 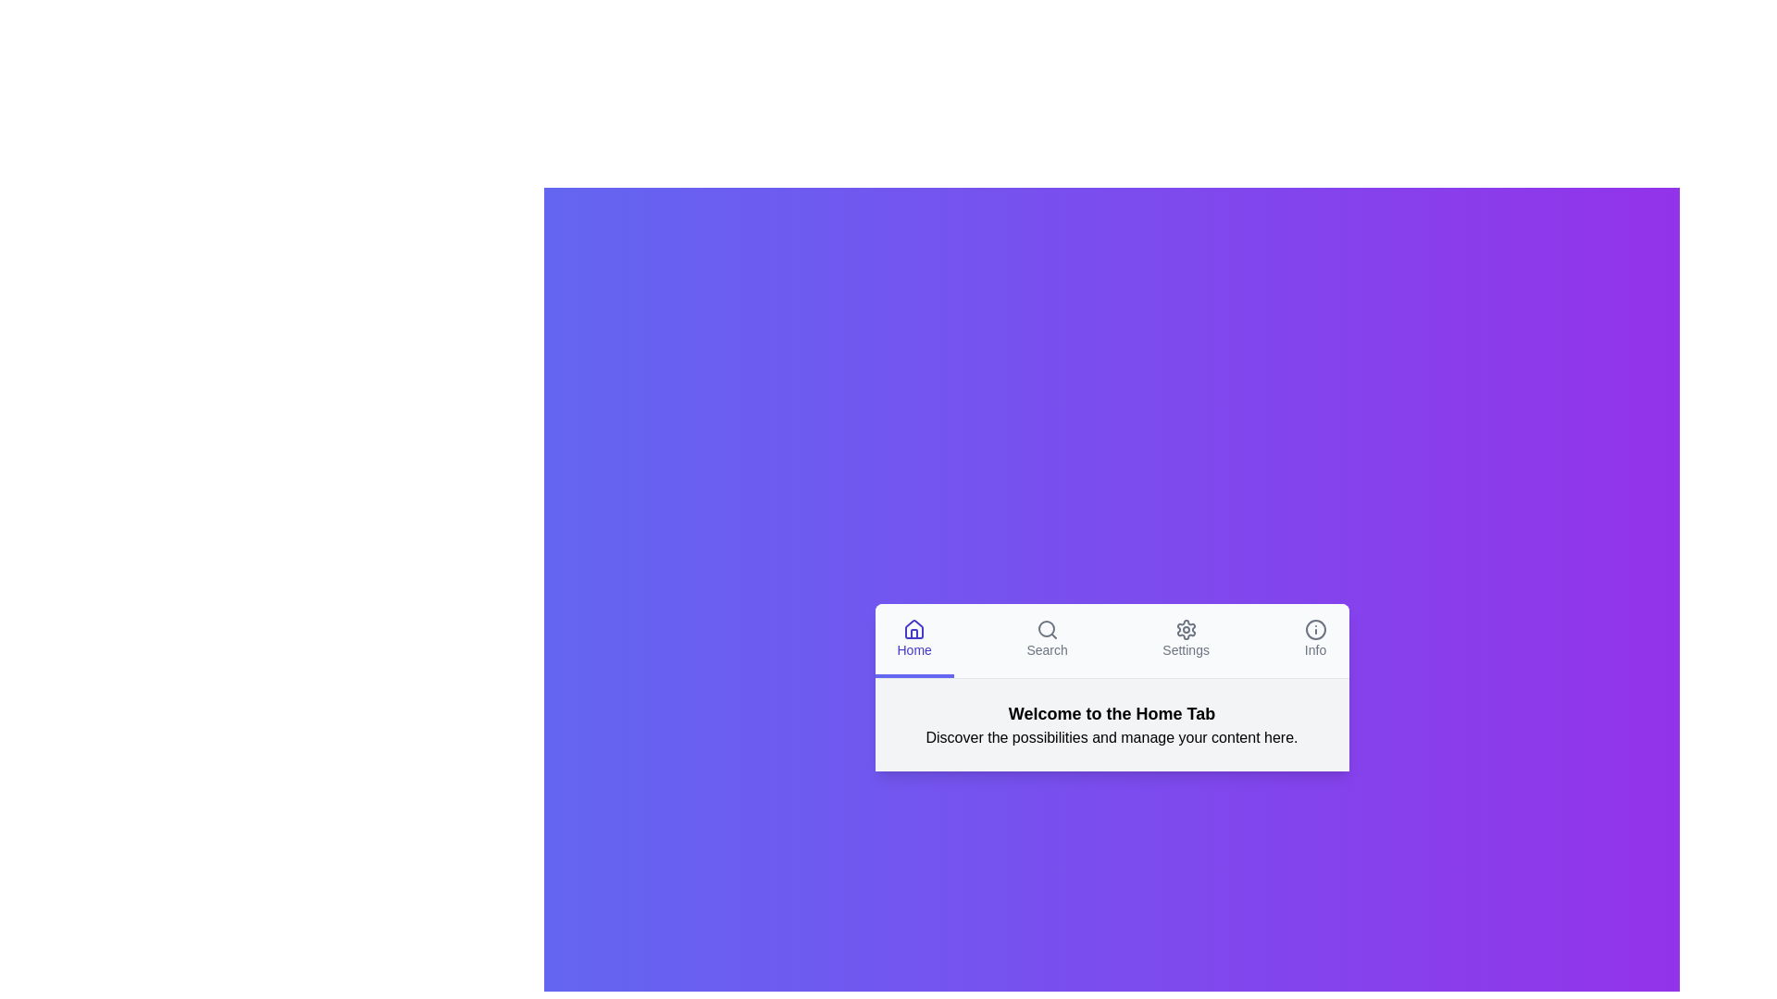 I want to click on the outermost circular boundary of the 'Info' icon located in the top-right section of the bottom menu bar, so click(x=1314, y=628).